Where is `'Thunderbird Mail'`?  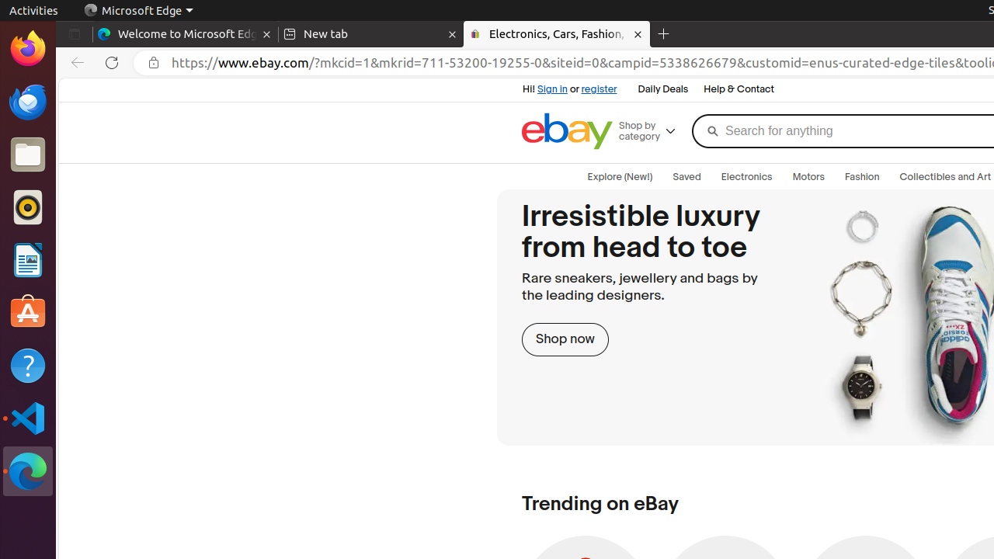
'Thunderbird Mail' is located at coordinates (27, 101).